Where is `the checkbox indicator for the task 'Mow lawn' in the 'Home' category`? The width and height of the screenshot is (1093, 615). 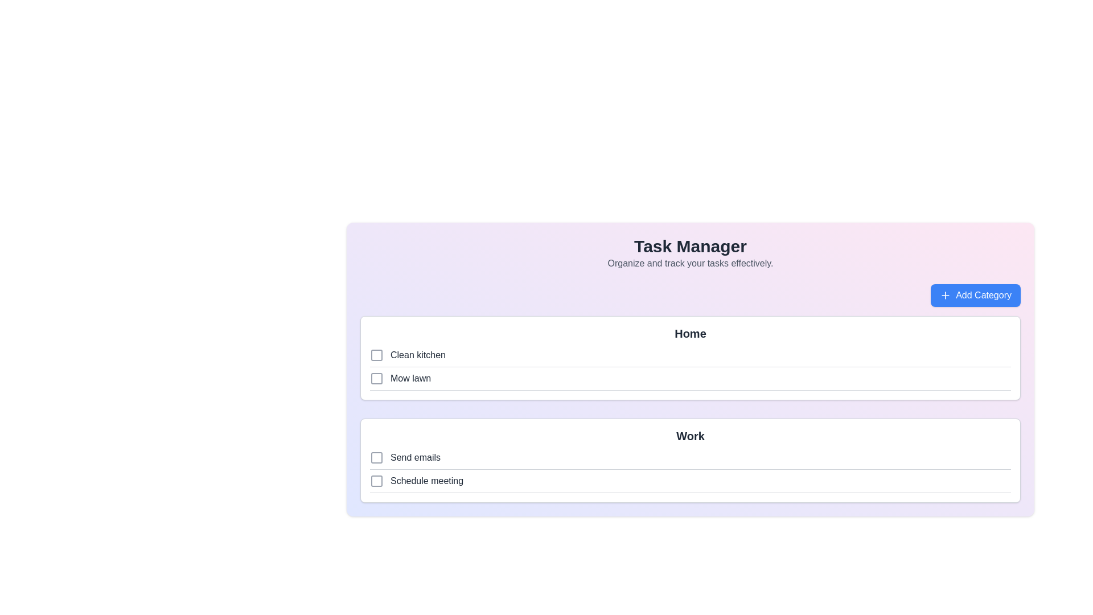 the checkbox indicator for the task 'Mow lawn' in the 'Home' category is located at coordinates (377, 378).